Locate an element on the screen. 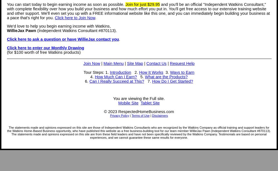  '(Independent Watkins Consultant #870113).' is located at coordinates (76, 31).